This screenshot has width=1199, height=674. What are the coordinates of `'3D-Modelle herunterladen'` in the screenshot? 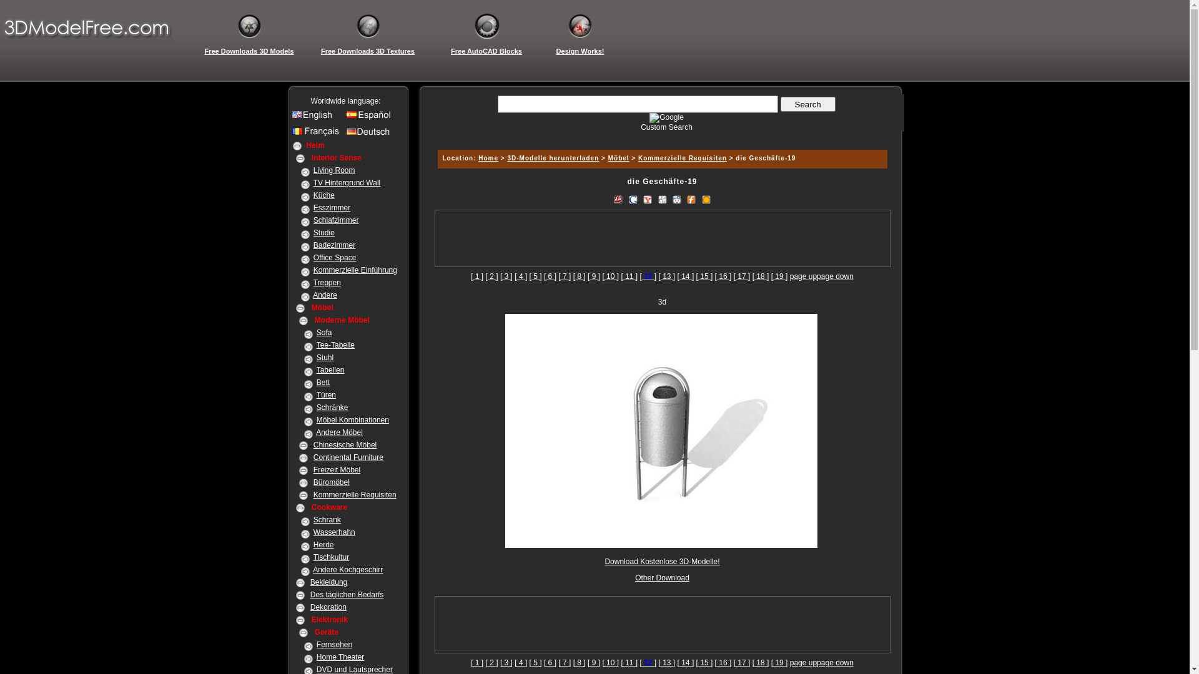 It's located at (552, 157).